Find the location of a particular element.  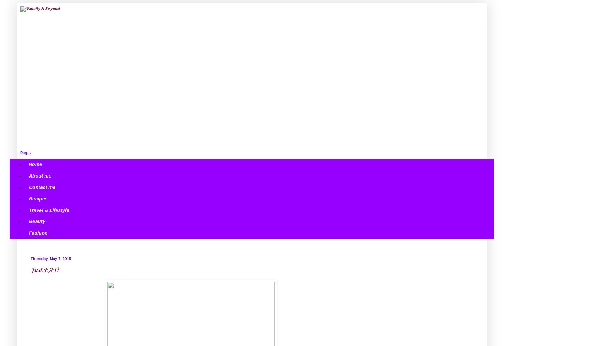

'Beauty' is located at coordinates (37, 221).